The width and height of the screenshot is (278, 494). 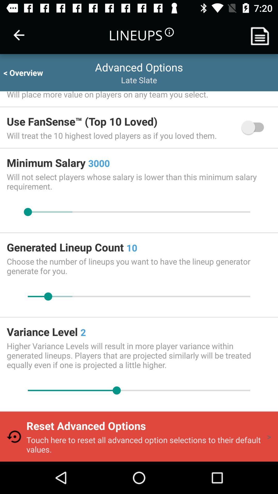 I want to click on the < overview, so click(x=28, y=72).